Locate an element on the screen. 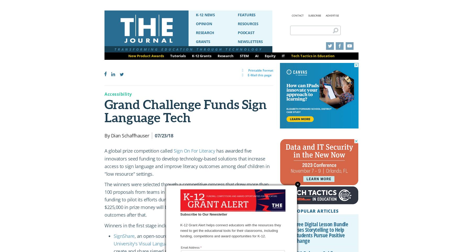  'Gallaudet University's Visual Language and Visual  Learning' is located at coordinates (183, 240).